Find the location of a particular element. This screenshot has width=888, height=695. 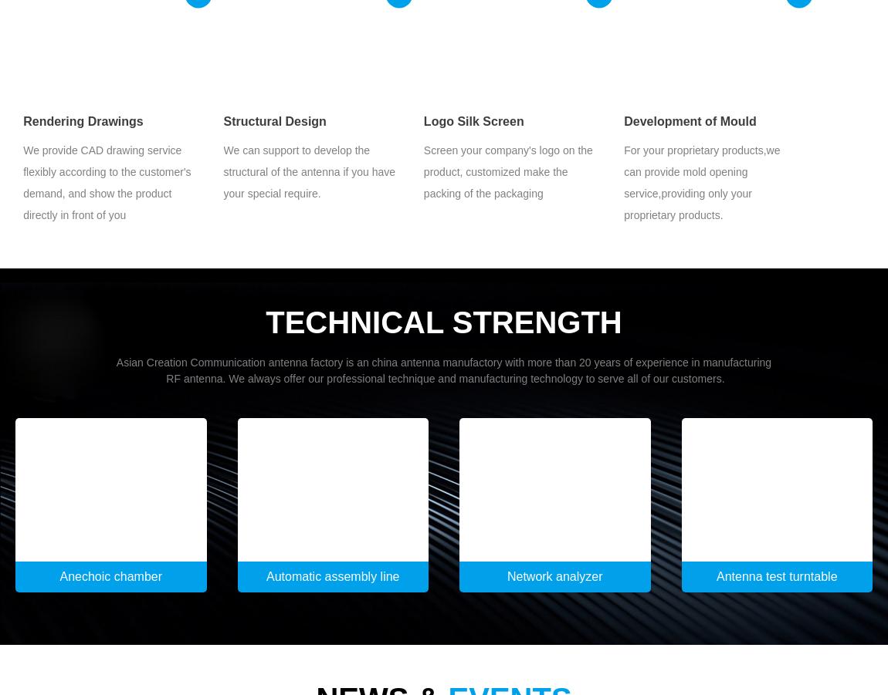

'Screen your company's logo on the product, customized make the packing of the packaging' is located at coordinates (507, 170).